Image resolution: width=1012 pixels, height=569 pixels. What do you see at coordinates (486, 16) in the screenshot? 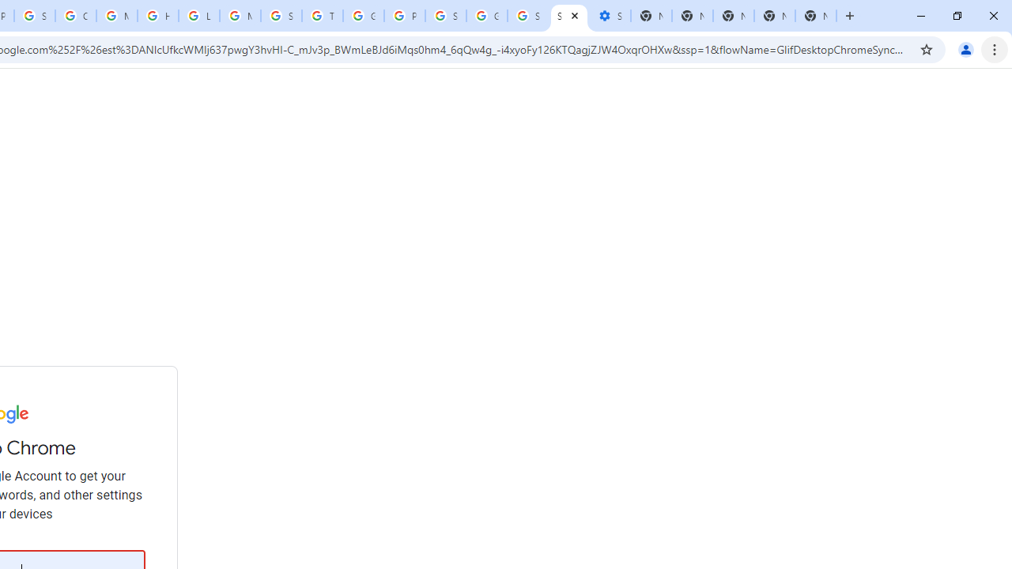
I see `'Google Cybersecurity Innovations - Google Safety Center'` at bounding box center [486, 16].